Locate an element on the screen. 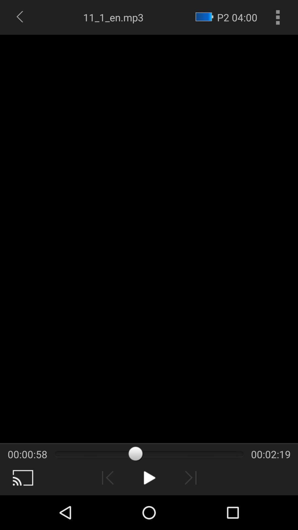  the skip_previous icon is located at coordinates (108, 511).